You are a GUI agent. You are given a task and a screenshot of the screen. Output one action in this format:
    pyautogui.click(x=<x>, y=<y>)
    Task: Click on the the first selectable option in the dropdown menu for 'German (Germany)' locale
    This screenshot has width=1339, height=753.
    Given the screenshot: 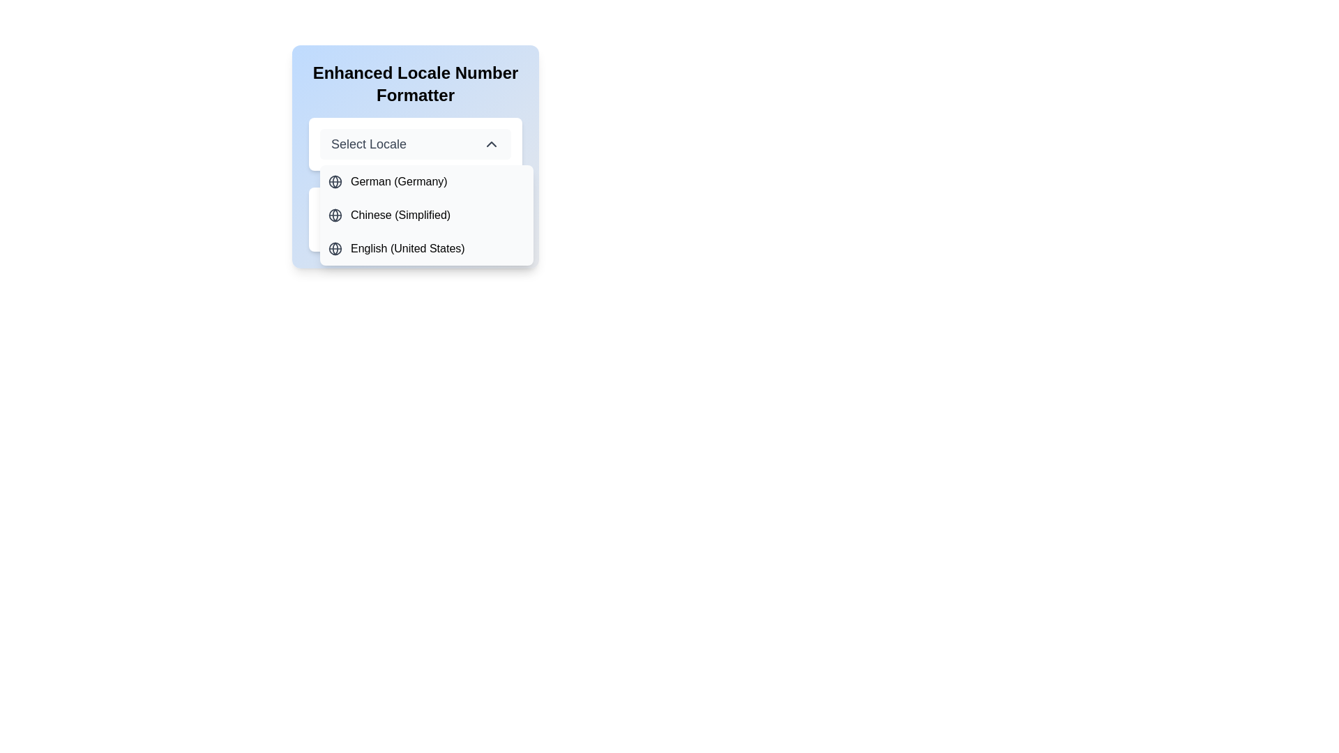 What is the action you would take?
    pyautogui.click(x=425, y=181)
    